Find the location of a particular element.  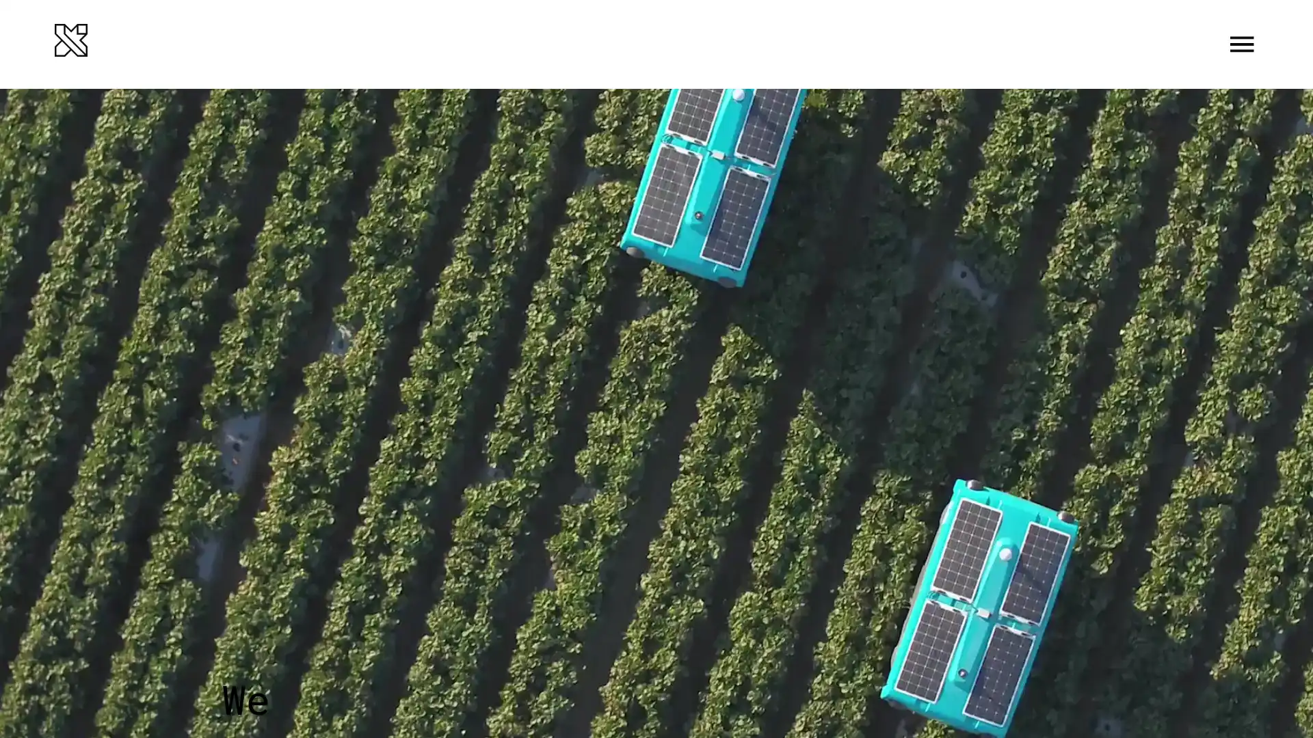

No ordinary ride The Self-Driving Car team completes the worlds first fully self-driving ride on public roads in Austin, TX  no steering wheel, pedals, or test drivers involved. Steve Mahan, the former CEO of the Santa Clara Valley Blind Center, is the inaugural passenger. is located at coordinates (693, 137).